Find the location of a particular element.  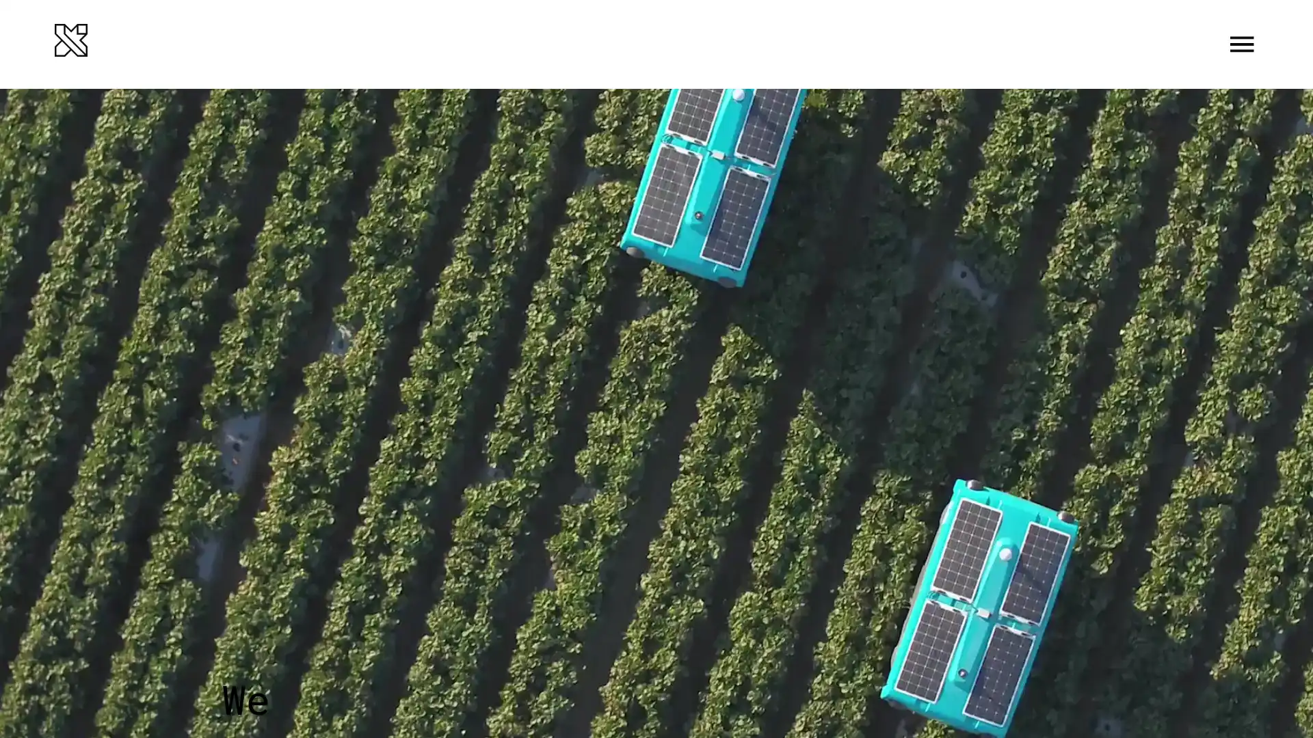

No ordinary ride The Self-Driving Car team completes the worlds first fully self-driving ride on public roads in Austin, TX  no steering wheel, pedals, or test drivers involved. Steve Mahan, the former CEO of the Santa Clara Valley Blind Center, is the inaugural passenger. is located at coordinates (693, 137).